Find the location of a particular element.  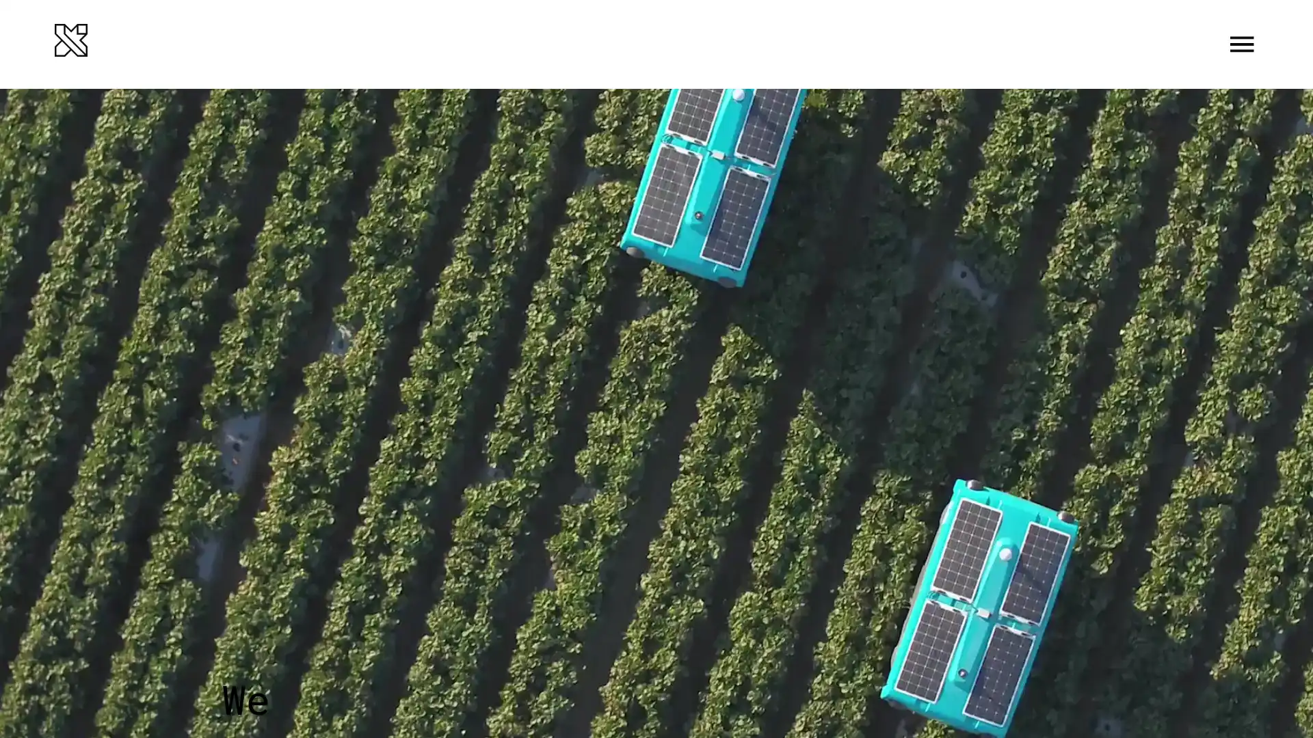

No ordinary ride The Self-Driving Car team completes the worlds first fully self-driving ride on public roads in Austin, TX  no steering wheel, pedals, or test drivers involved. Steve Mahan, the former CEO of the Santa Clara Valley Blind Center, is the inaugural passenger. is located at coordinates (693, 137).